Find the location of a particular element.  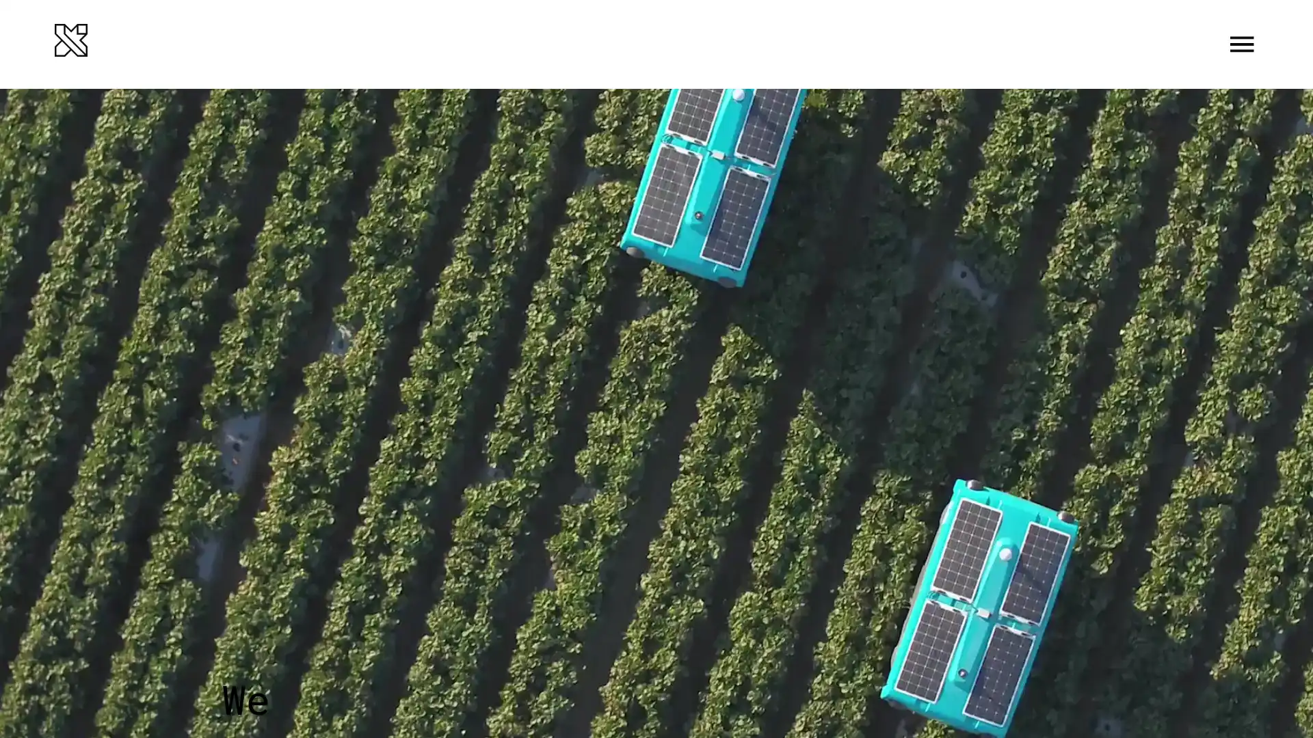

No ordinary ride The Self-Driving Car team completes the worlds first fully self-driving ride on public roads in Austin, TX  no steering wheel, pedals, or test drivers involved. Steve Mahan, the former CEO of the Santa Clara Valley Blind Center, is the inaugural passenger. is located at coordinates (693, 137).